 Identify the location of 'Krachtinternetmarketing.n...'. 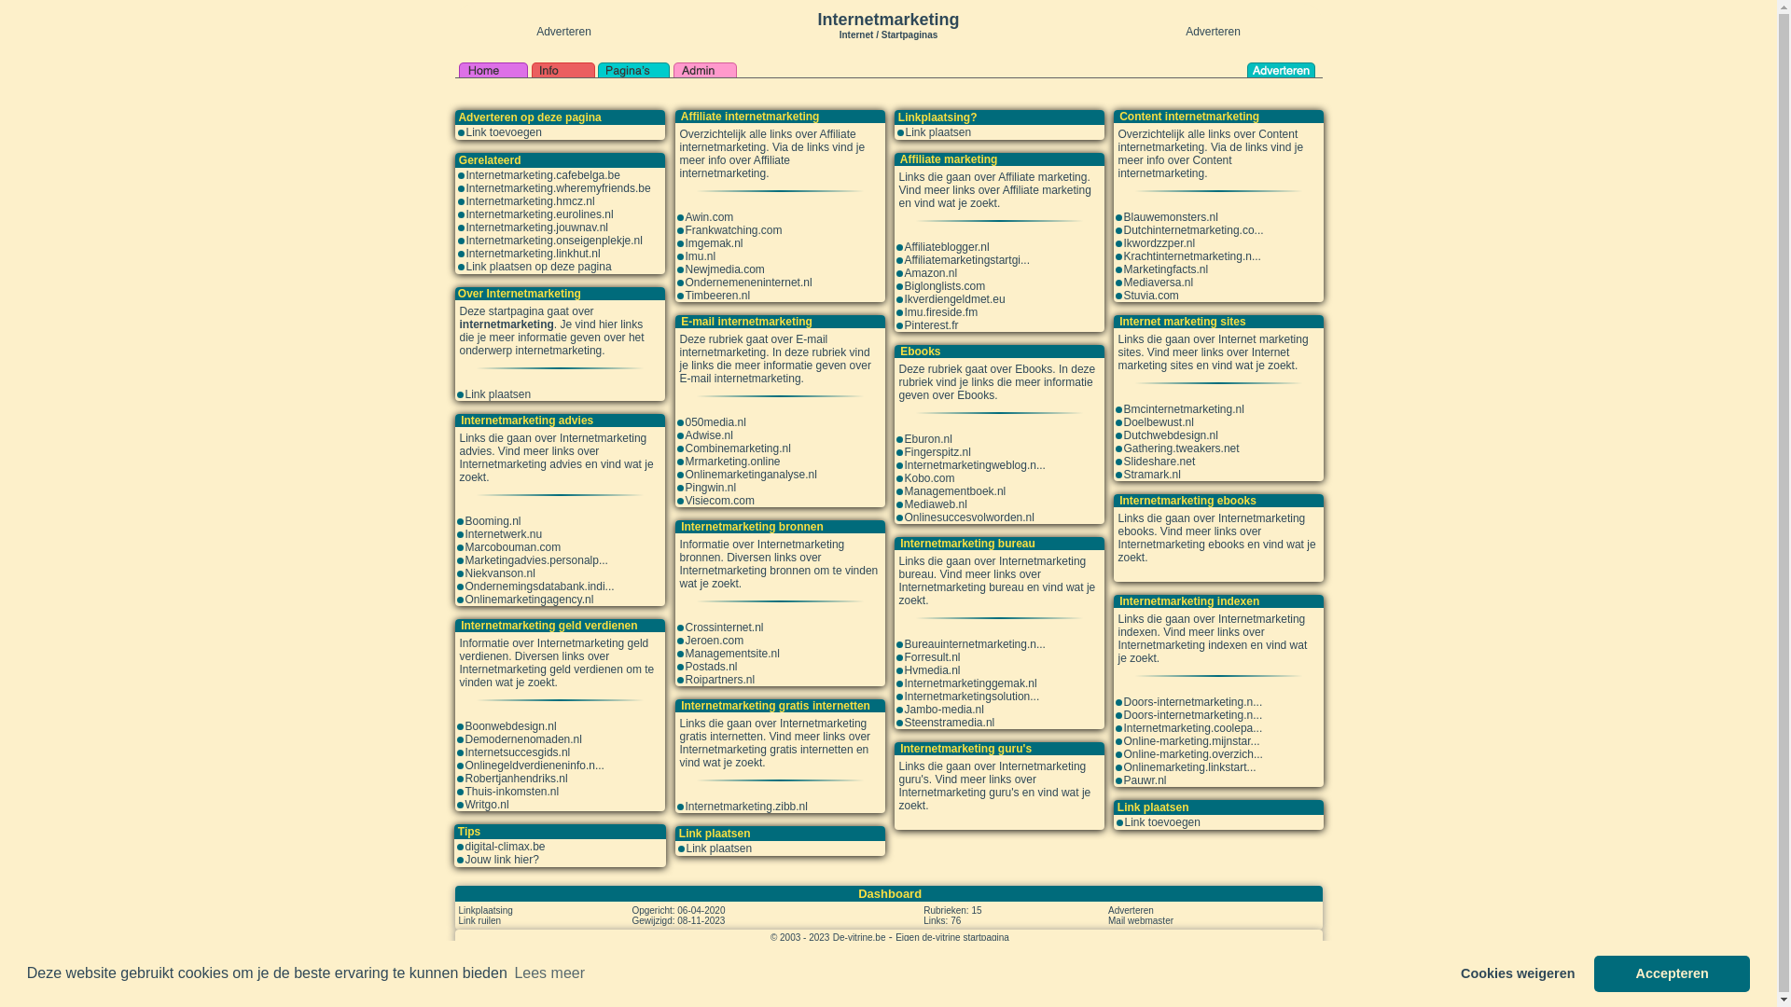
(1190, 255).